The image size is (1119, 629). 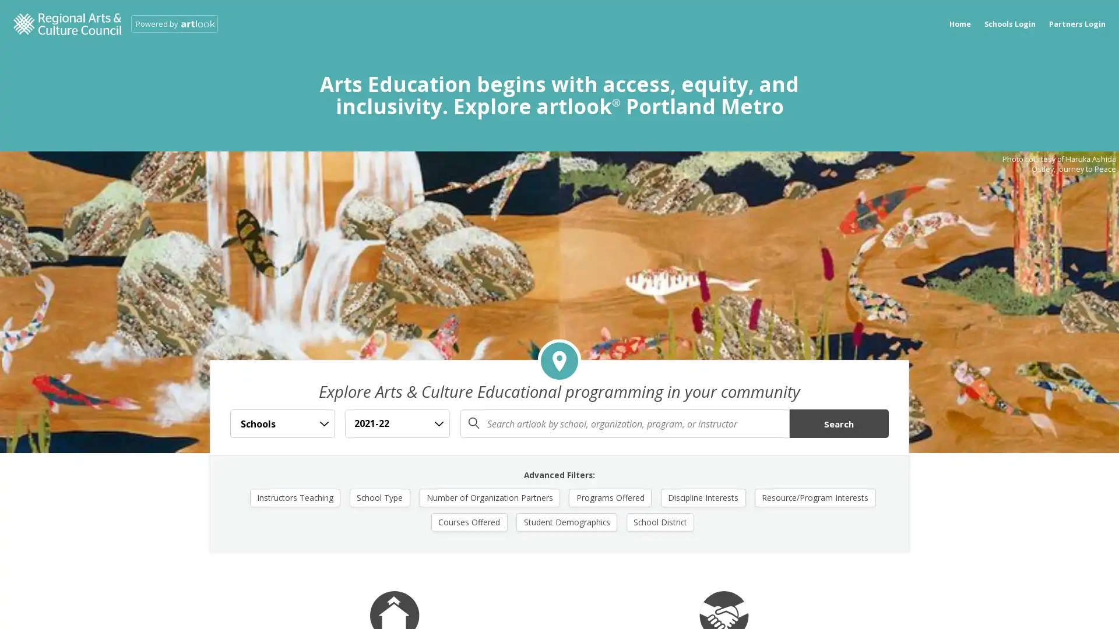 What do you see at coordinates (379, 497) in the screenshot?
I see `School Type` at bounding box center [379, 497].